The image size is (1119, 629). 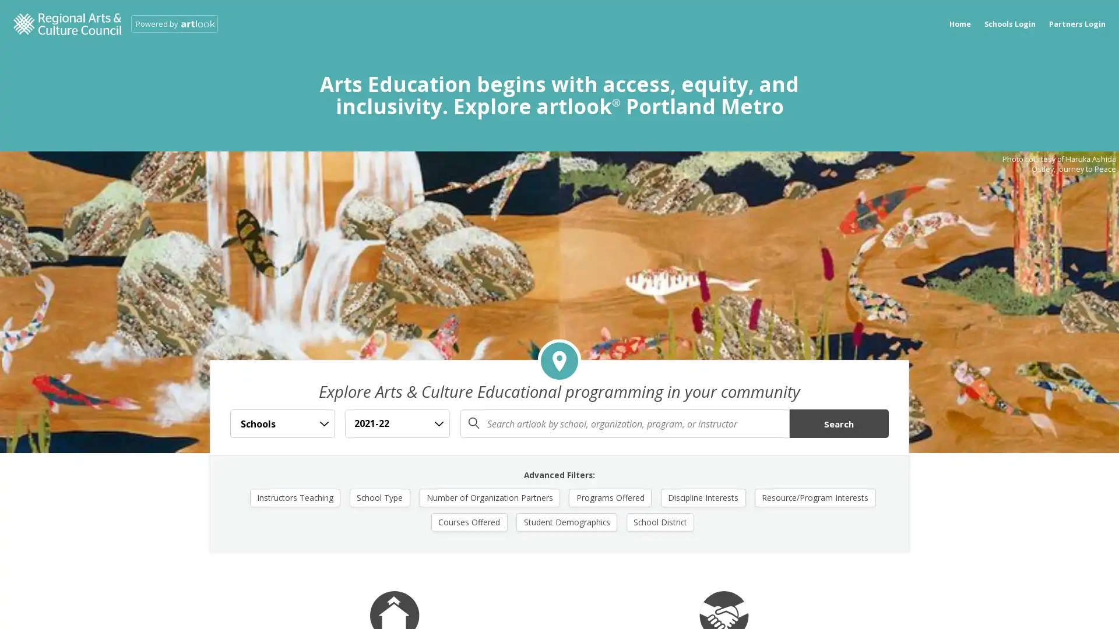 What do you see at coordinates (379, 497) in the screenshot?
I see `School Type` at bounding box center [379, 497].